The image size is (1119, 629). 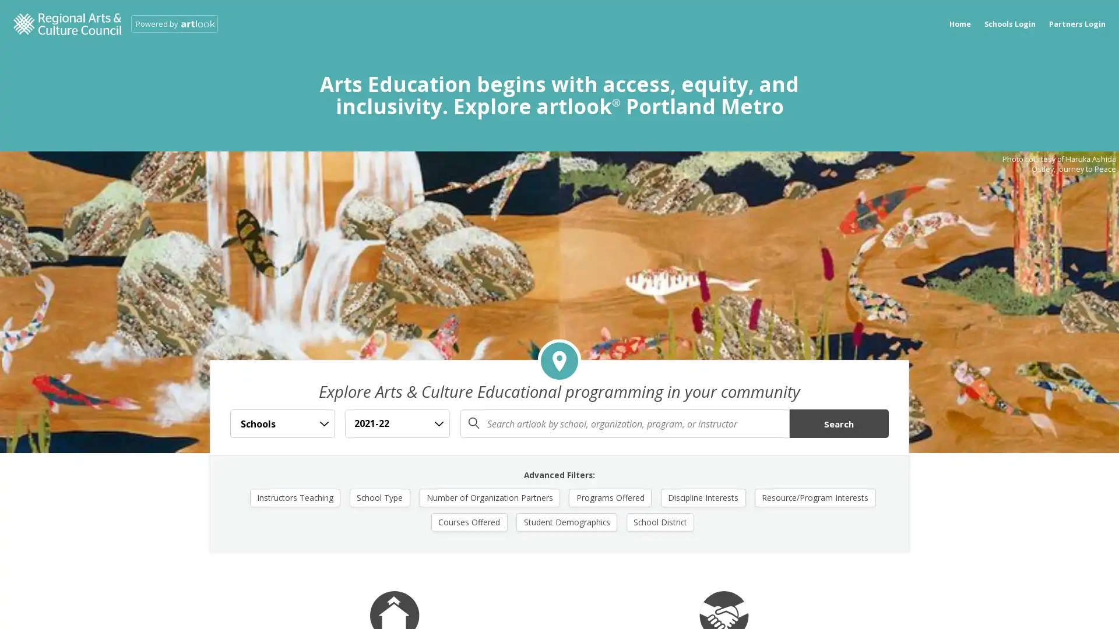 What do you see at coordinates (379, 497) in the screenshot?
I see `School Type` at bounding box center [379, 497].